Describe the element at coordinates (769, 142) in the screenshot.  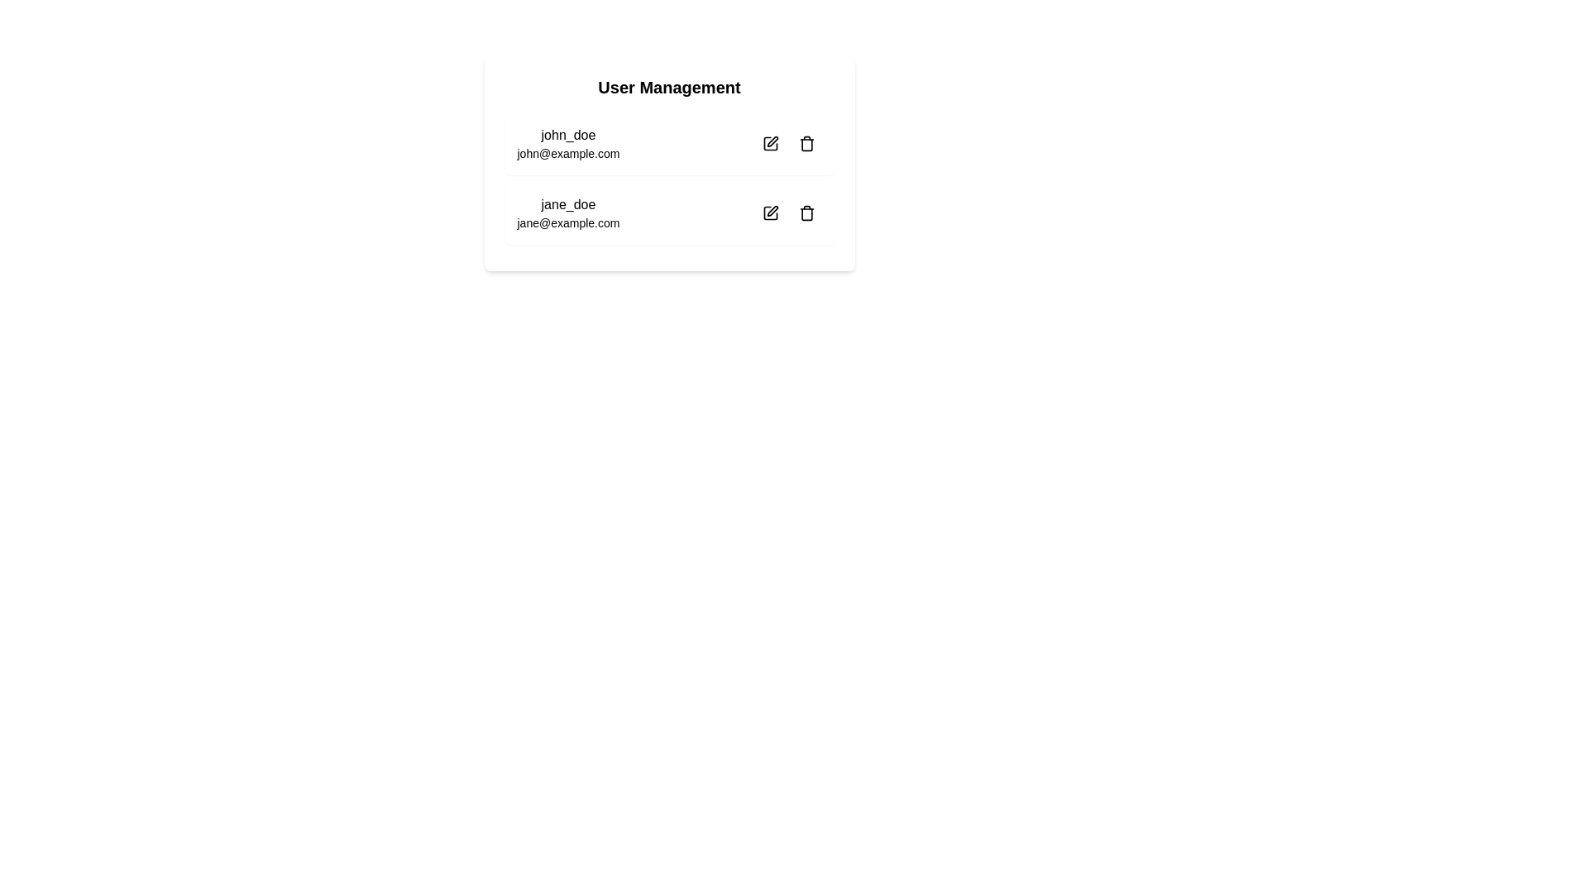
I see `the circular edit button with a pen icon next to 'john_doe' in the 'User Management' panel` at that location.